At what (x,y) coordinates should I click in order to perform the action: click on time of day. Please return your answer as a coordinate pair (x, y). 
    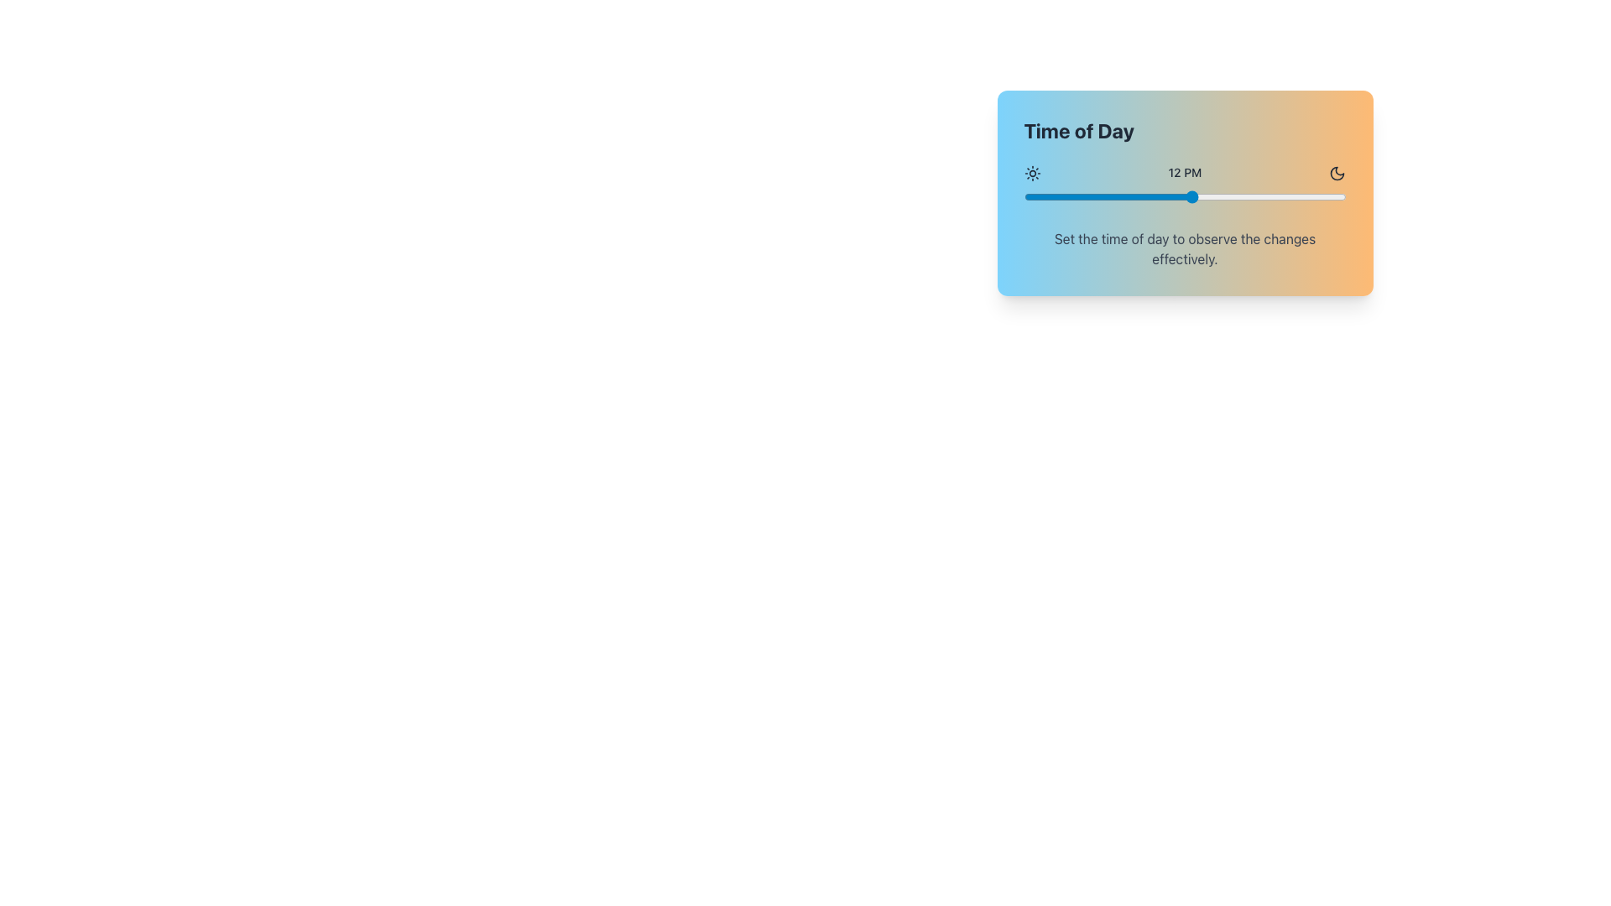
    Looking at the image, I should click on (1317, 196).